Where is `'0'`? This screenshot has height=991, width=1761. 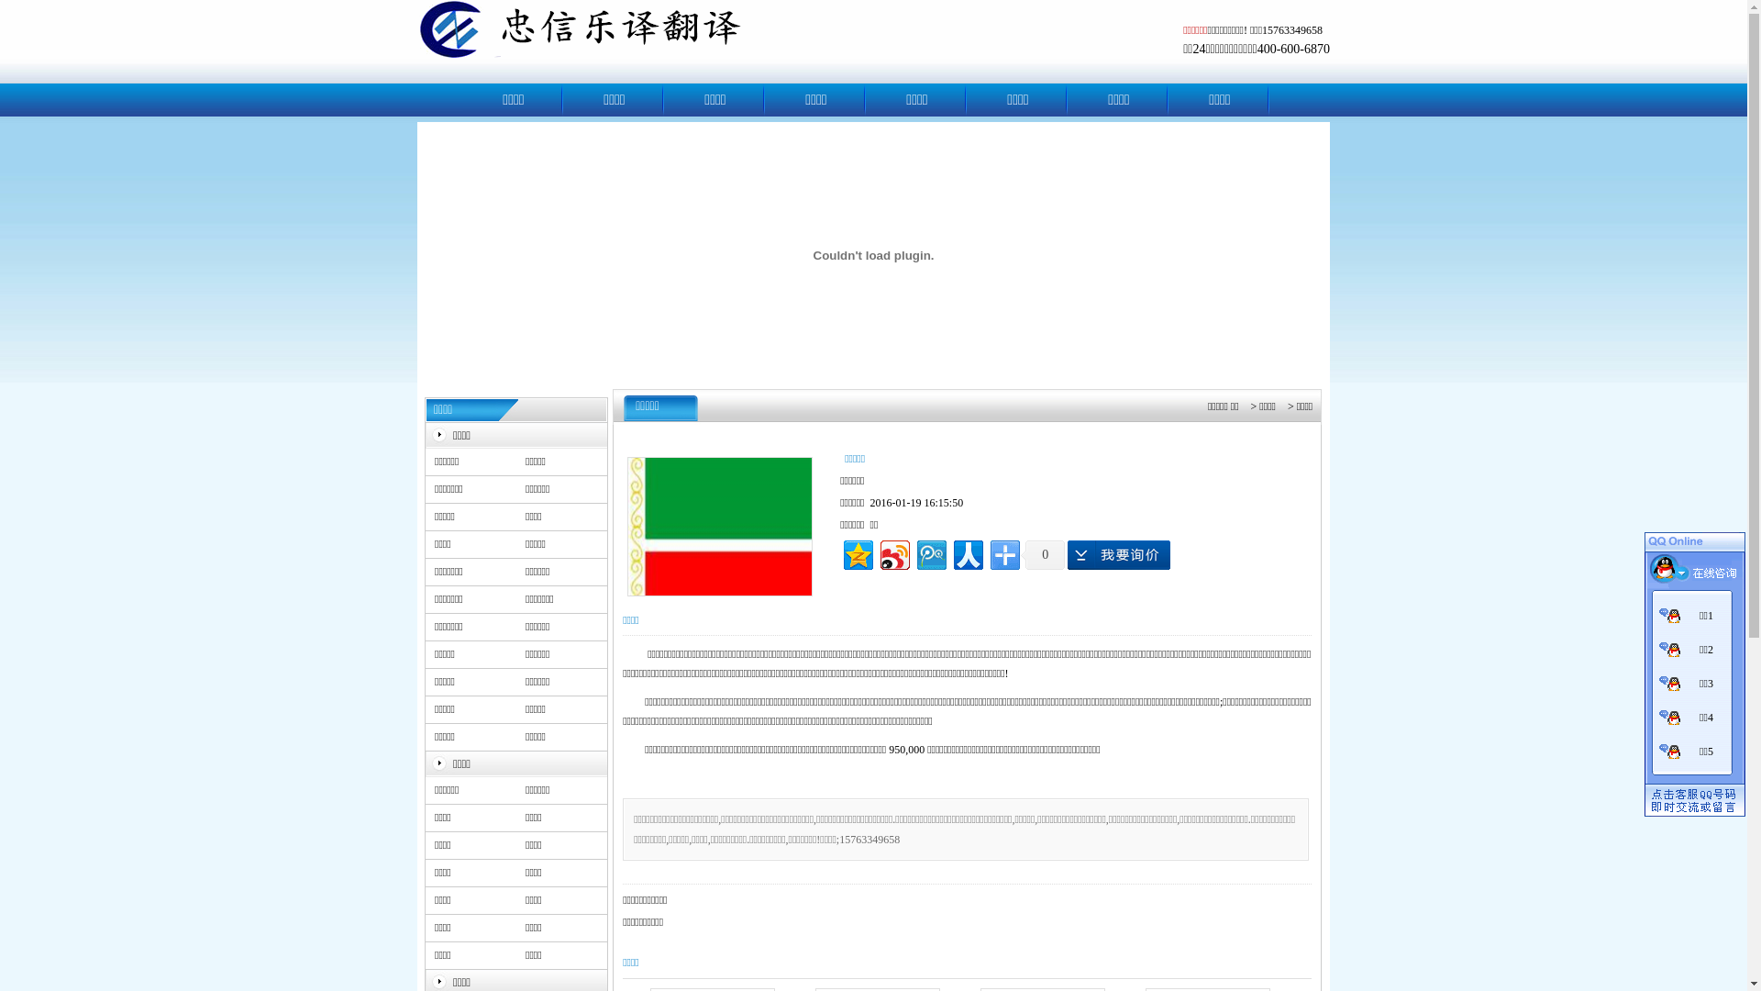 '0' is located at coordinates (1043, 554).